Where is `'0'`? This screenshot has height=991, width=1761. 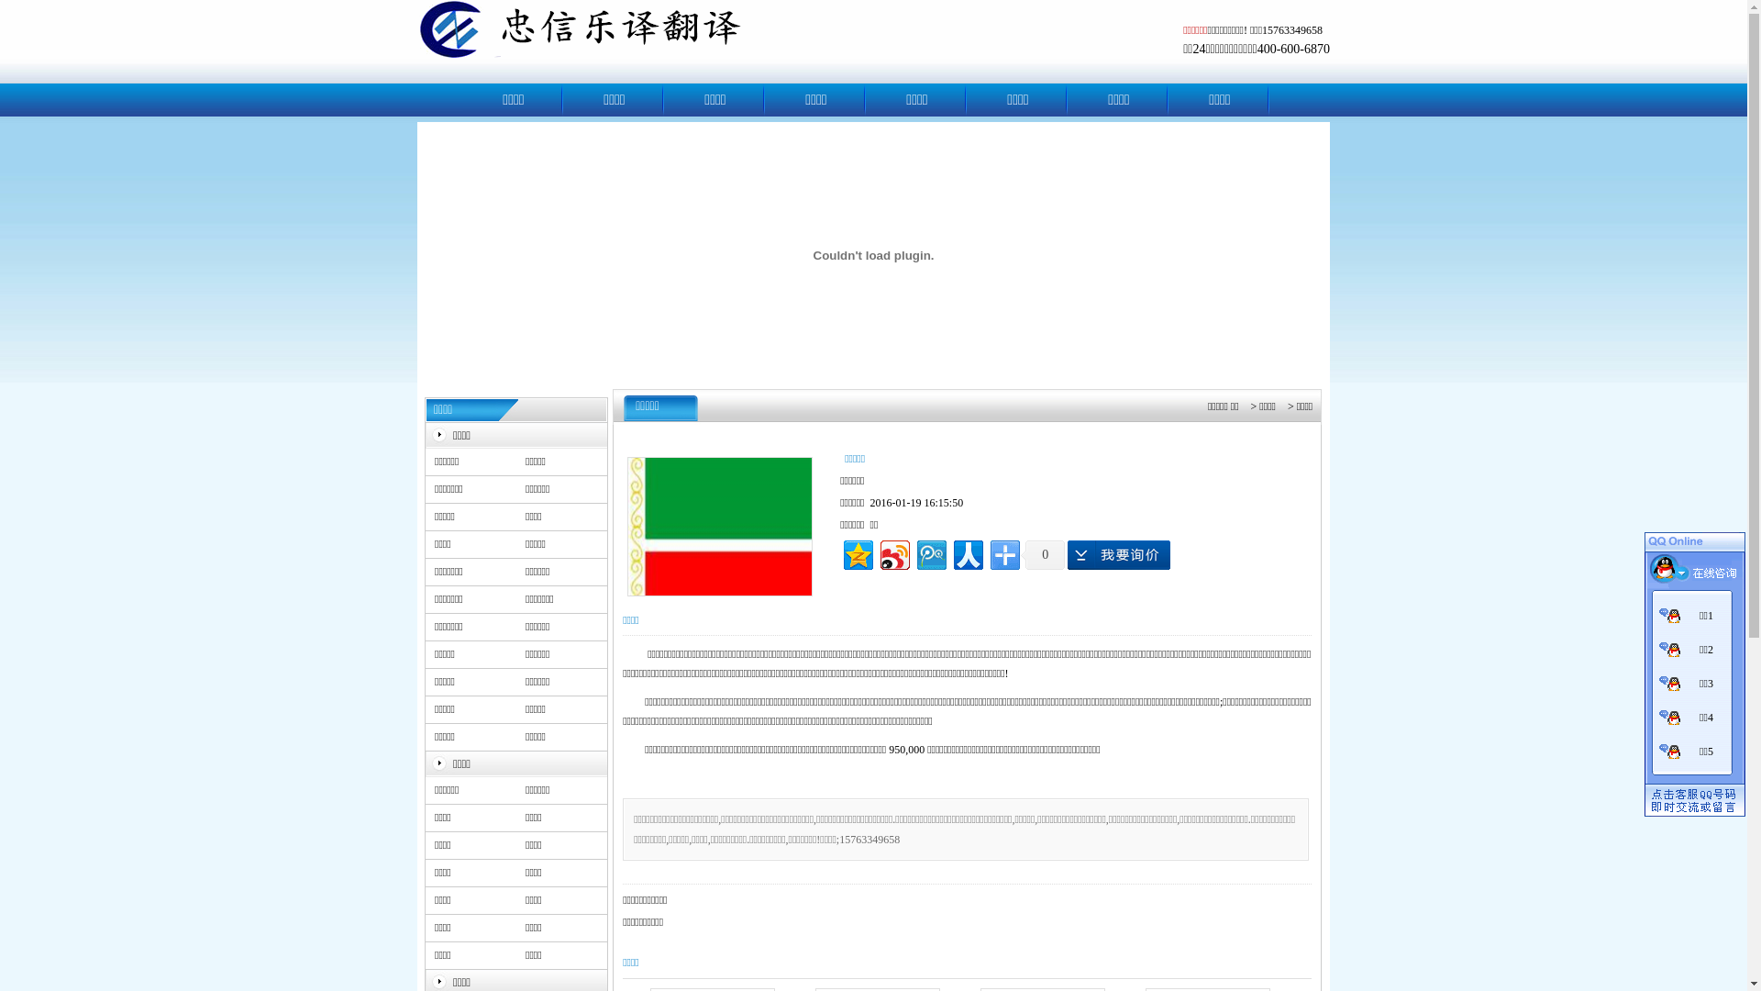 '0' is located at coordinates (1043, 554).